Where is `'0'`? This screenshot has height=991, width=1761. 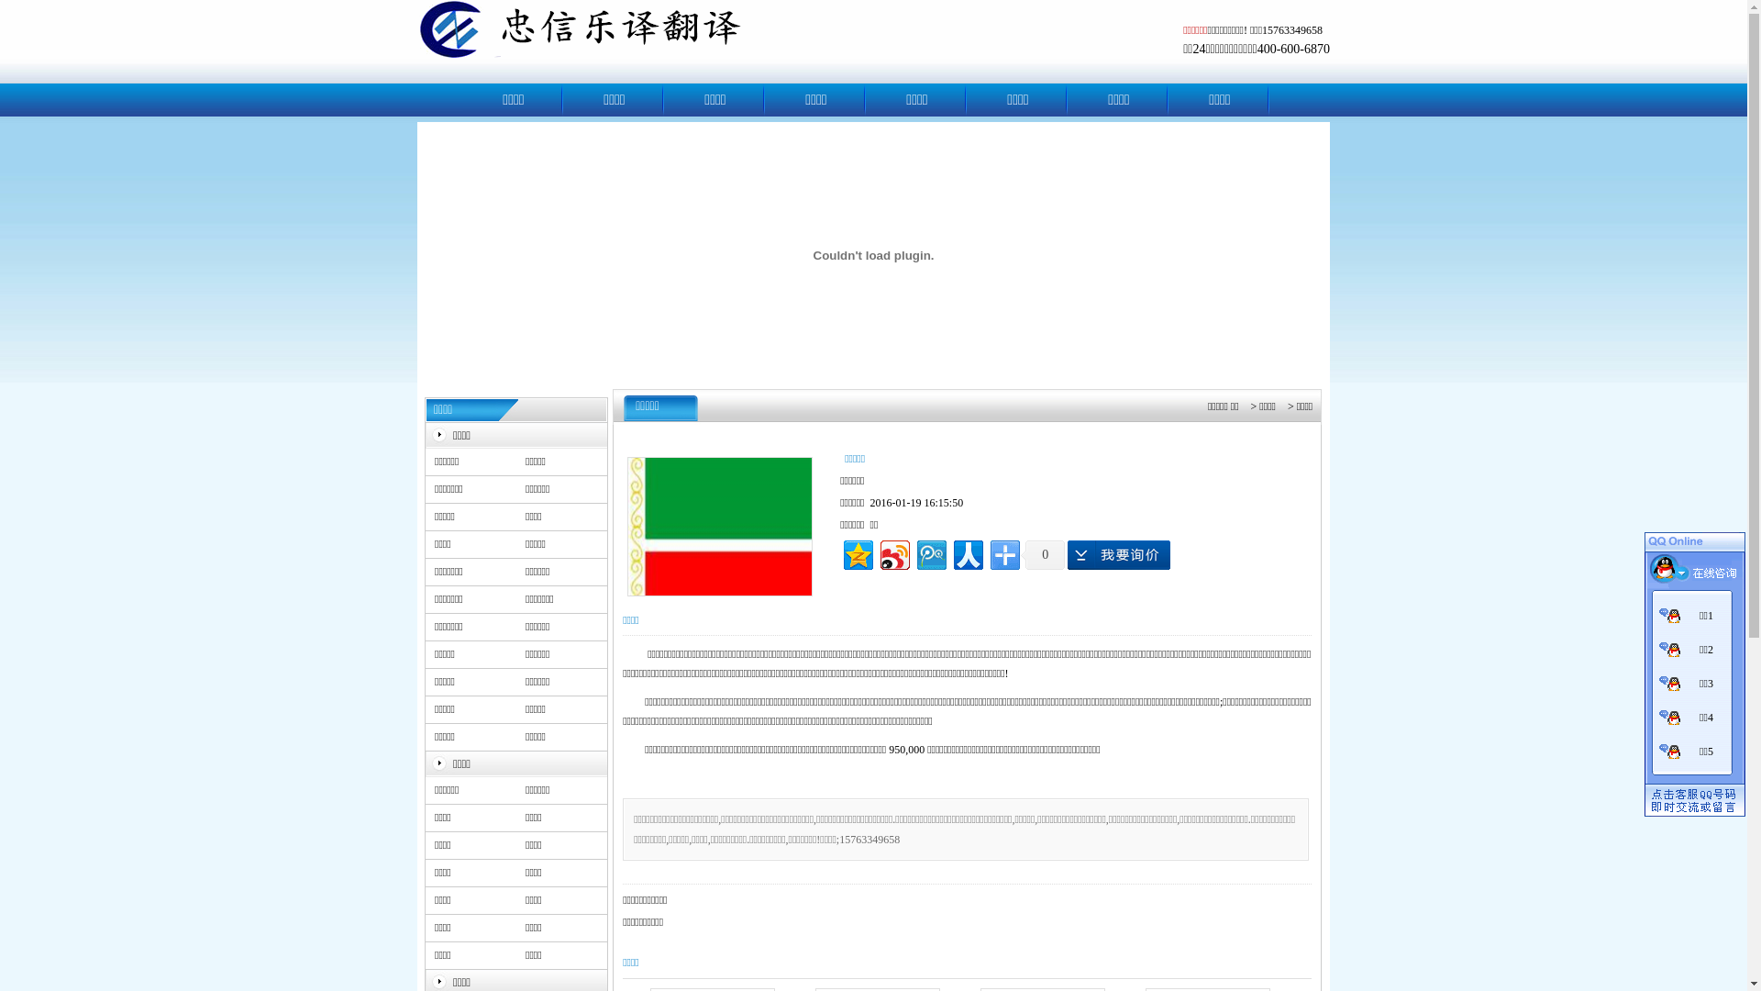 '0' is located at coordinates (1043, 554).